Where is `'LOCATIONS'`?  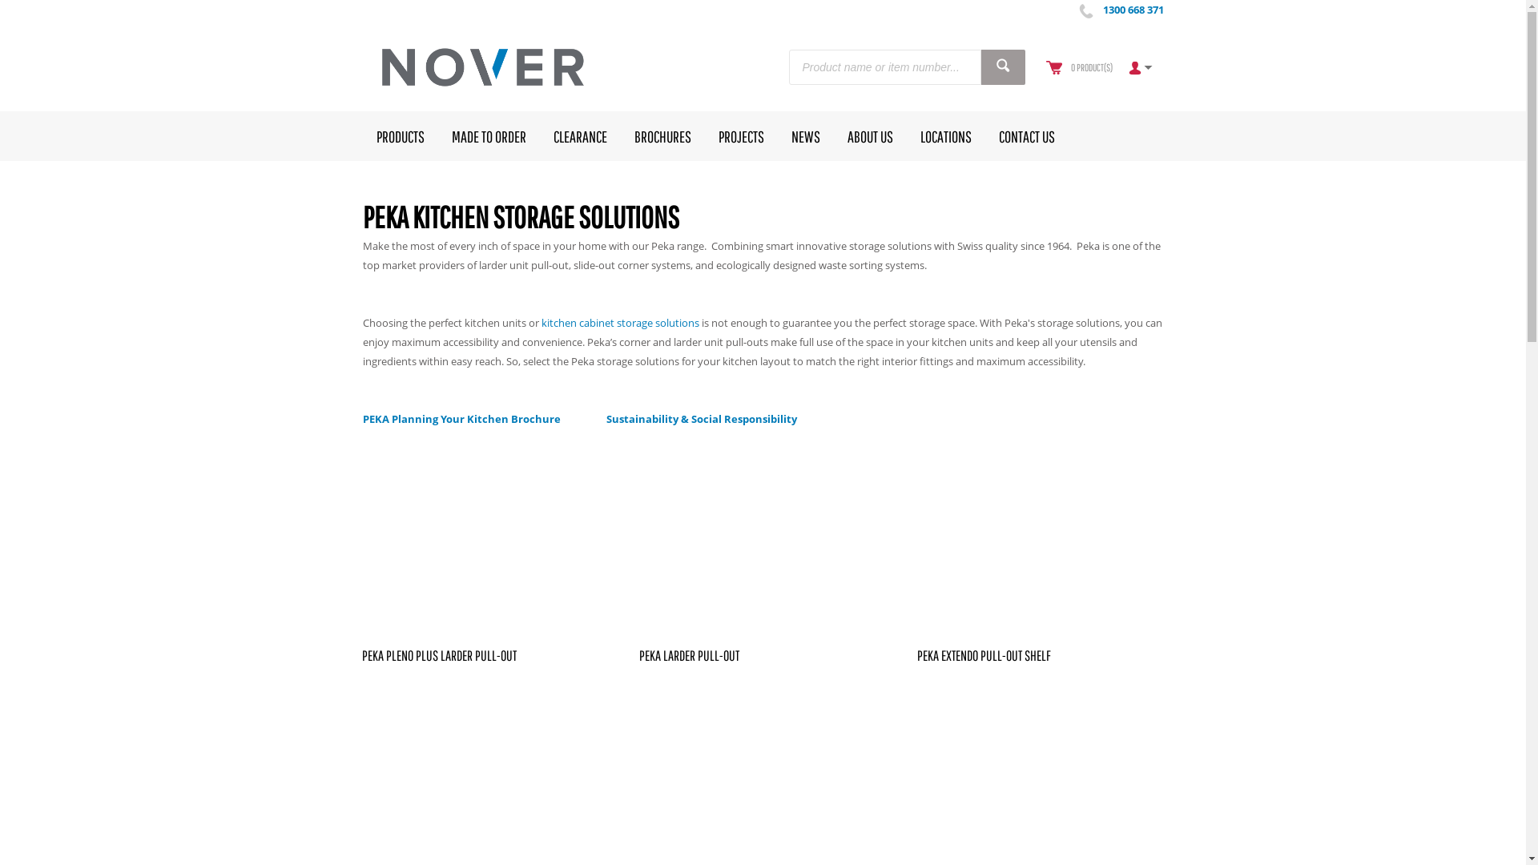
'LOCATIONS' is located at coordinates (945, 135).